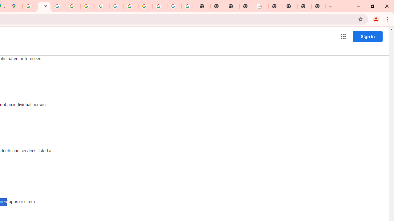 This screenshot has width=394, height=221. I want to click on 'New Tab', so click(319, 6).